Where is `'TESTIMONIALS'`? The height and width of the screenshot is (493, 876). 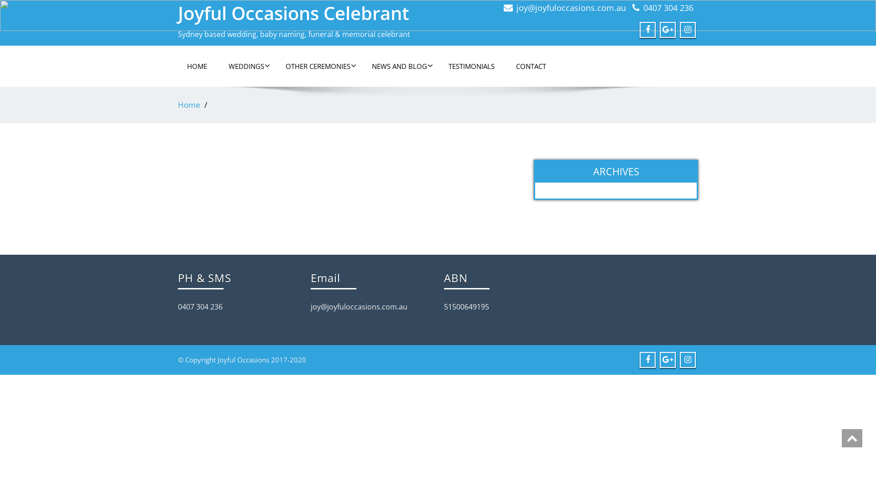
'TESTIMONIALS' is located at coordinates (471, 66).